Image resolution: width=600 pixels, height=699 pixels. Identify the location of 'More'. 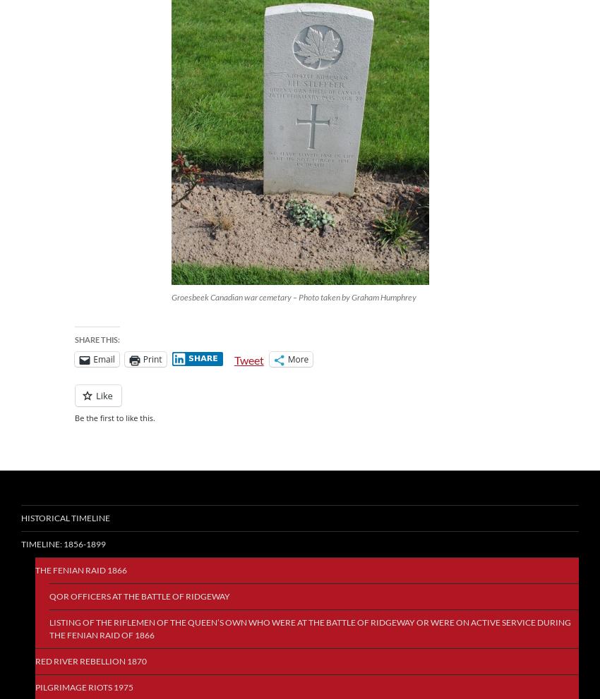
(298, 359).